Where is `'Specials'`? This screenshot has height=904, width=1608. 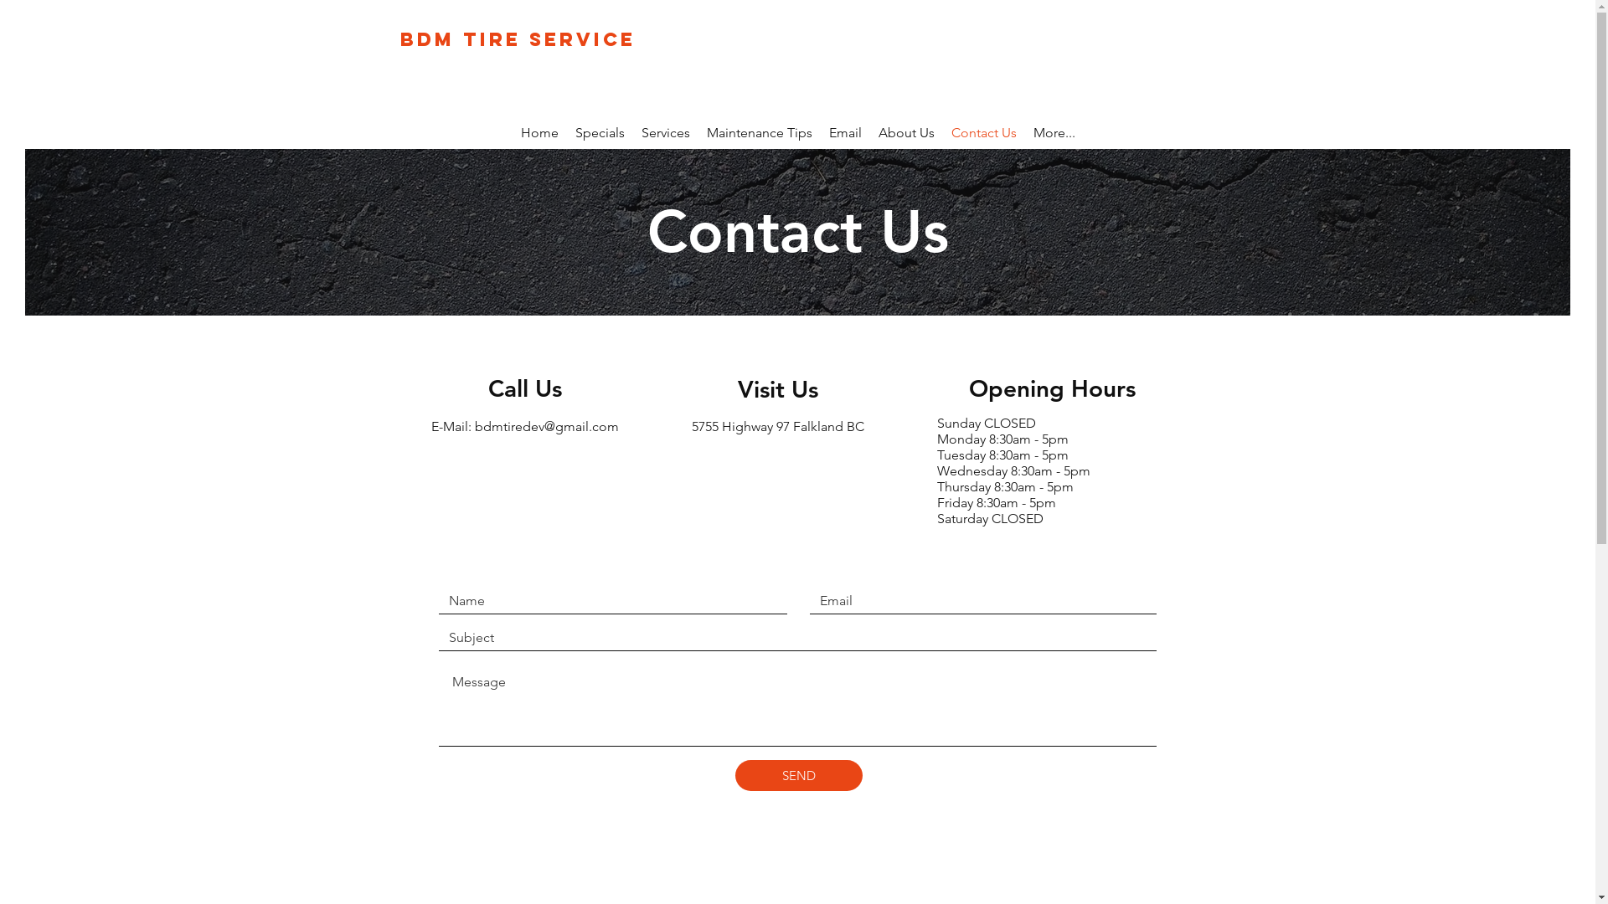 'Specials' is located at coordinates (566, 135).